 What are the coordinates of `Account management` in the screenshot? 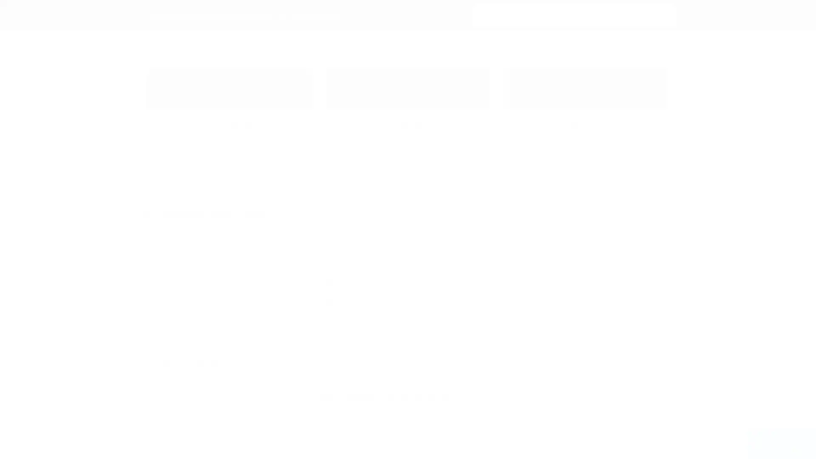 It's located at (212, 304).